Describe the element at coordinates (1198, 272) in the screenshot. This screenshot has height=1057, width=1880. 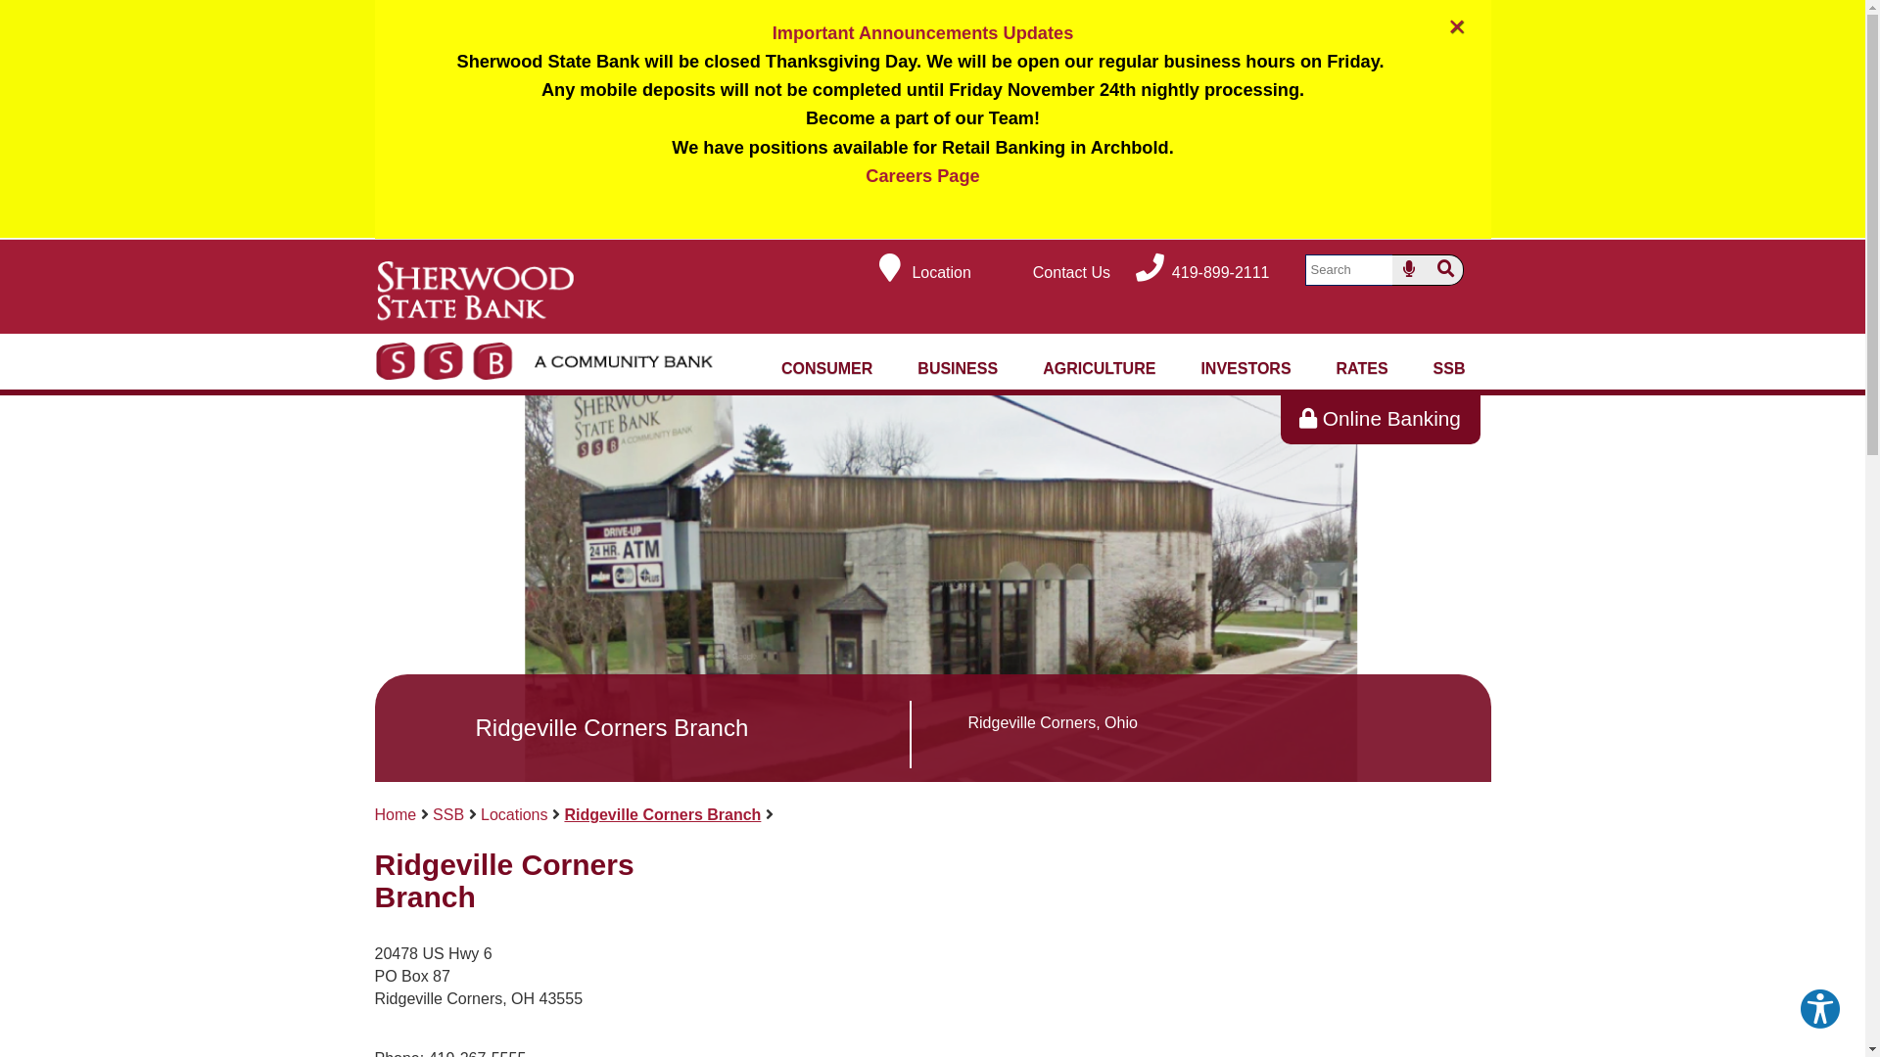
I see `'419-899-2111'` at that location.